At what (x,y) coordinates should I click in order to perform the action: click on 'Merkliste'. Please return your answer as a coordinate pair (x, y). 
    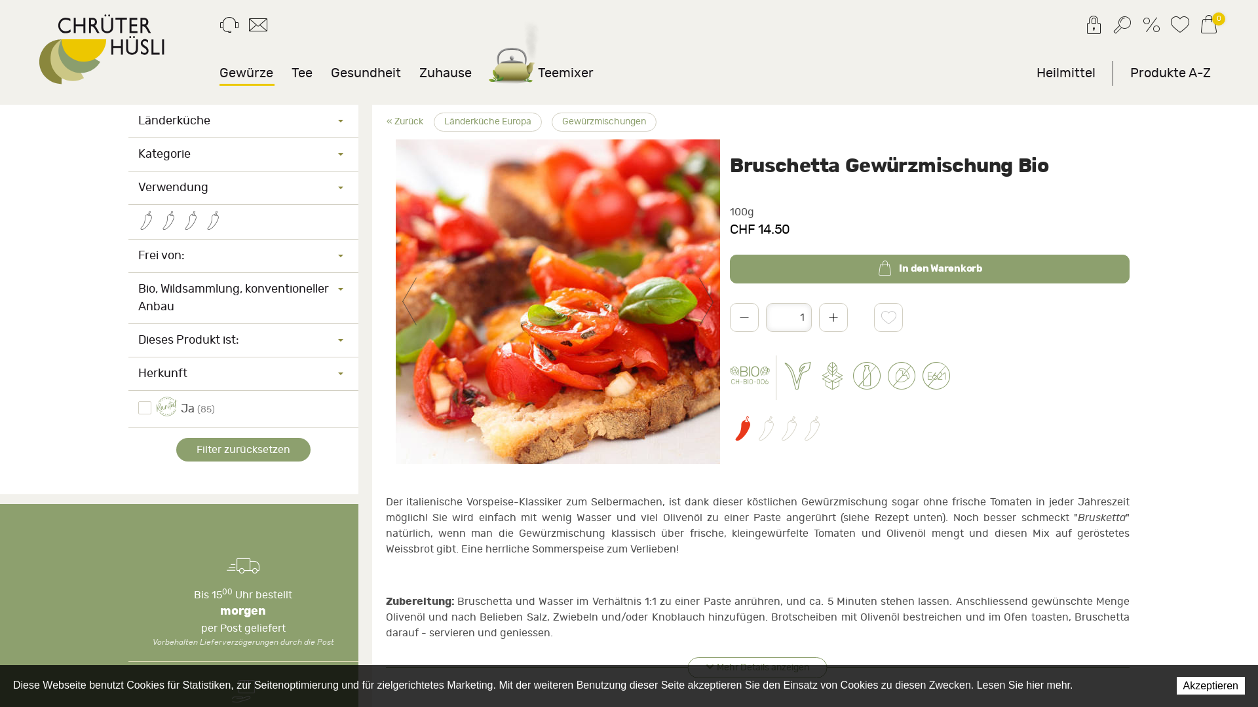
    Looking at the image, I should click on (1179, 27).